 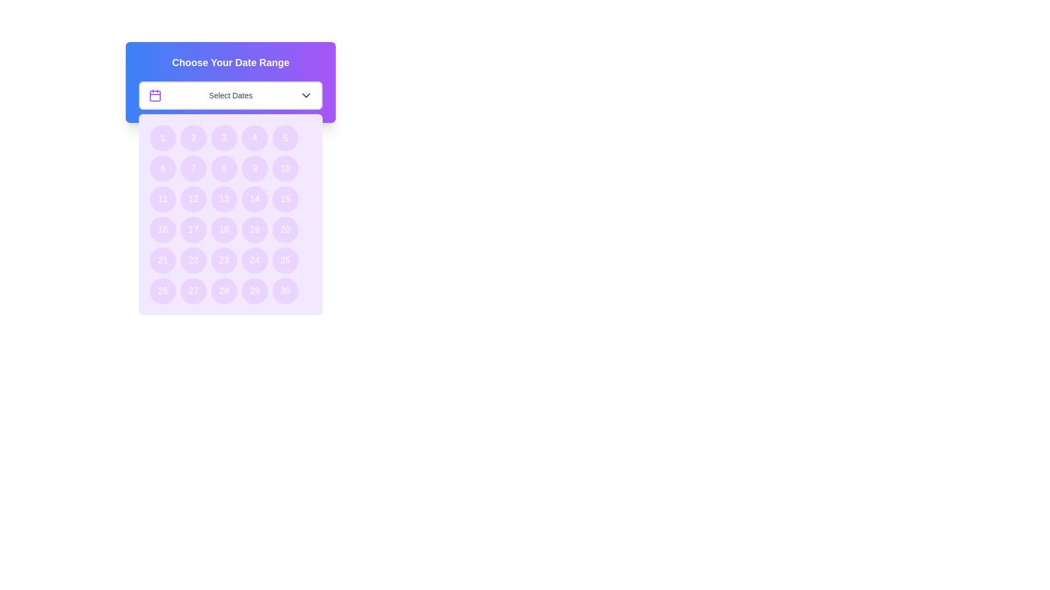 I want to click on the rounded purple button labeled '15' located in the fifth column of the third row under the 'Choose Your Date Range' section, so click(x=285, y=199).